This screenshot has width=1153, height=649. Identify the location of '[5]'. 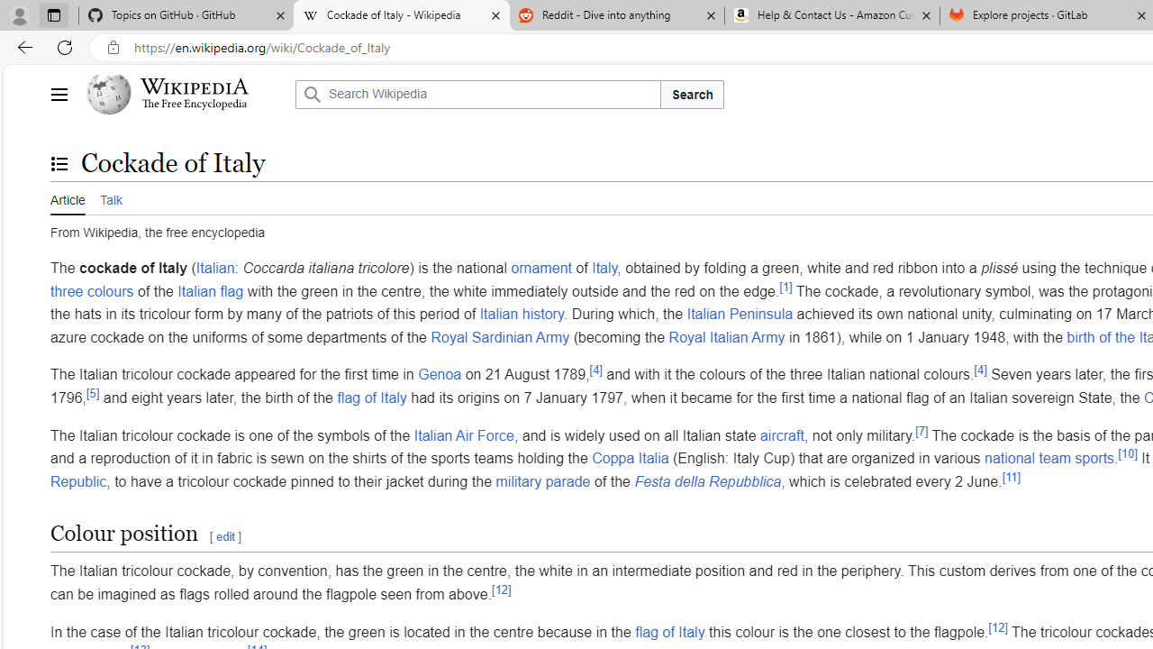
(92, 391).